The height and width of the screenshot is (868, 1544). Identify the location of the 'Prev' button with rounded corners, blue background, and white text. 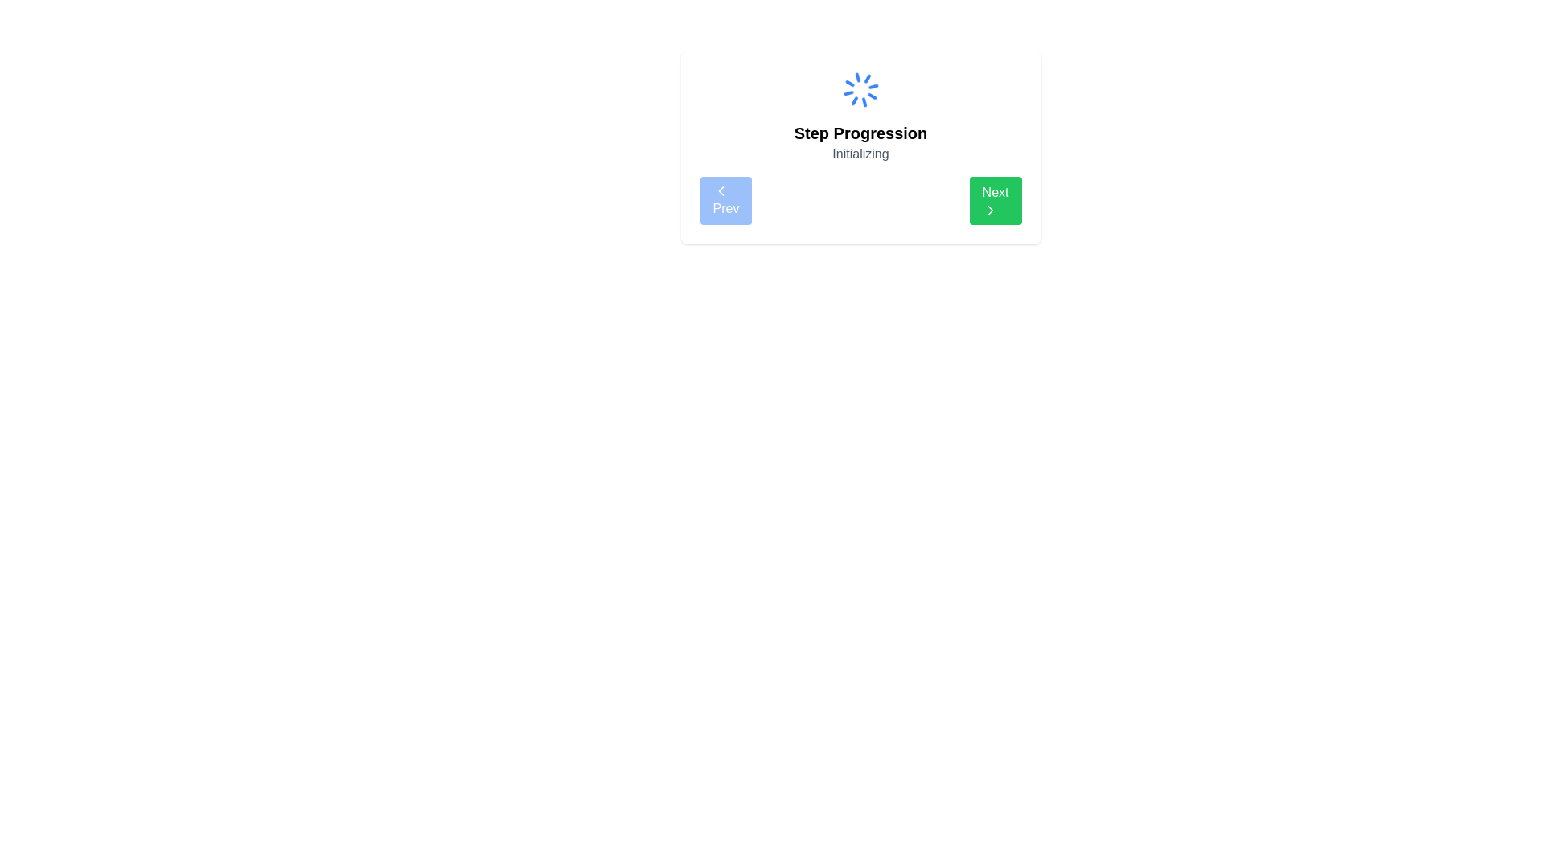
(725, 200).